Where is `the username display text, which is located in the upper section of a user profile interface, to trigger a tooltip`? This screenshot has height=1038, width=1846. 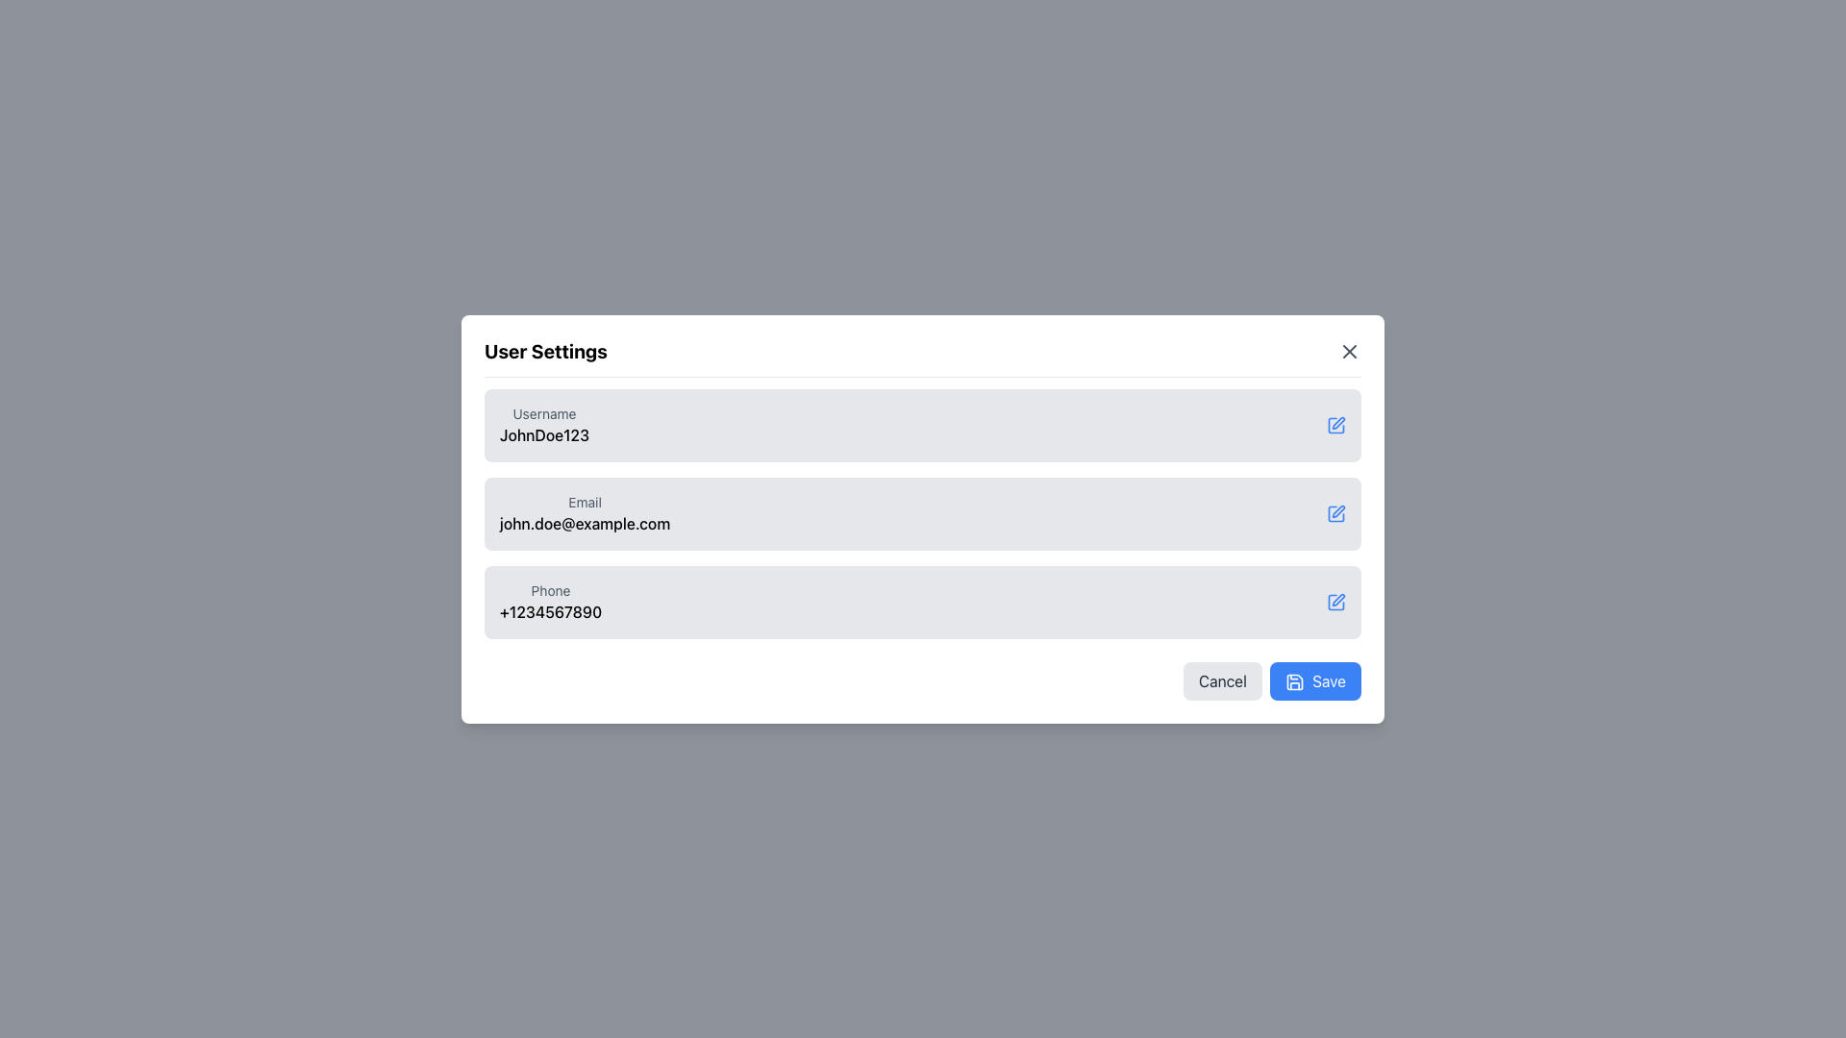 the username display text, which is located in the upper section of a user profile interface, to trigger a tooltip is located at coordinates (543, 424).